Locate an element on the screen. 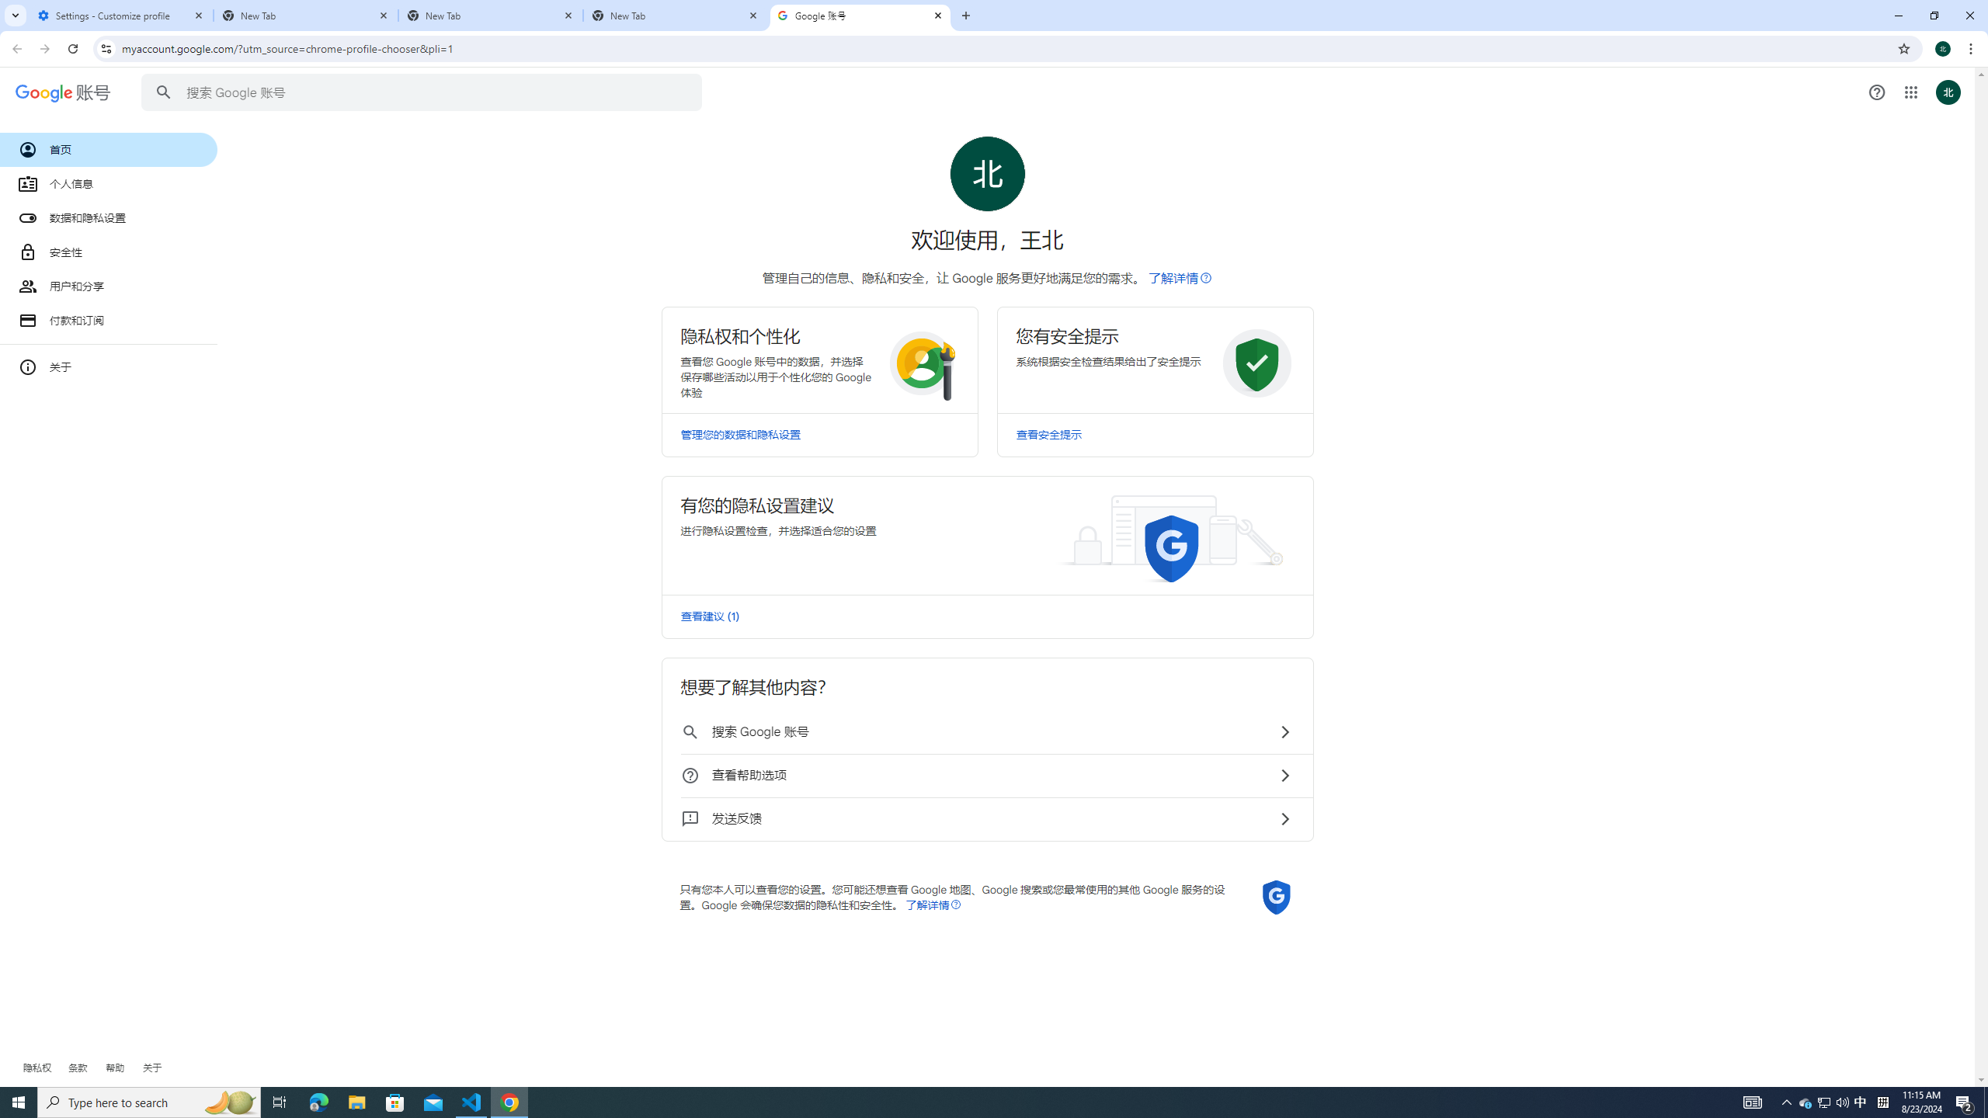  'New Tab' is located at coordinates (490, 15).